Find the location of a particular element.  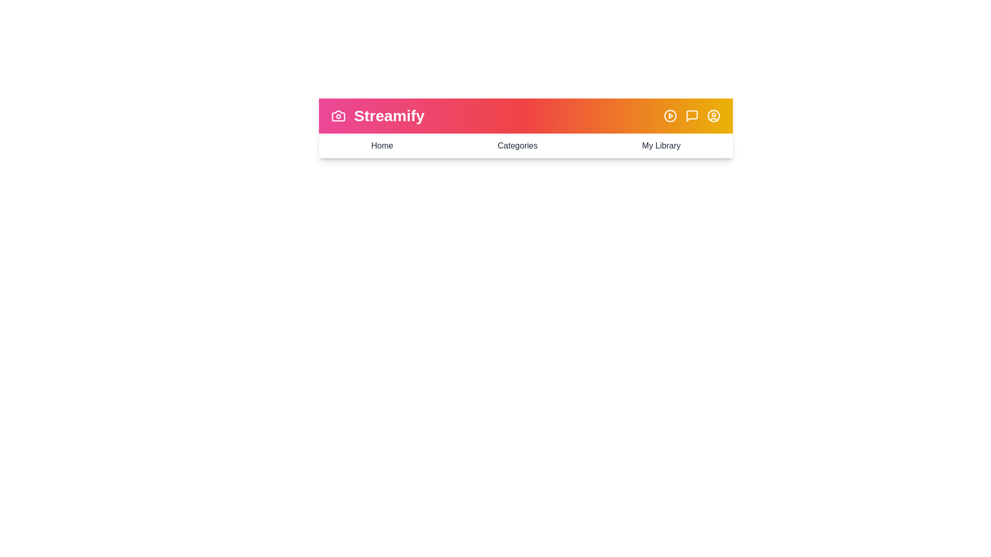

the 'Streamify' title in the app bar is located at coordinates (388, 116).